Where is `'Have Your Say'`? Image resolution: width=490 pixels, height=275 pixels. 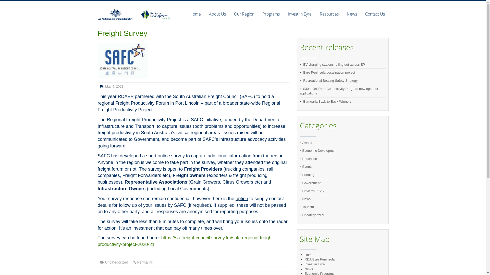
'Have Your Say' is located at coordinates (313, 191).